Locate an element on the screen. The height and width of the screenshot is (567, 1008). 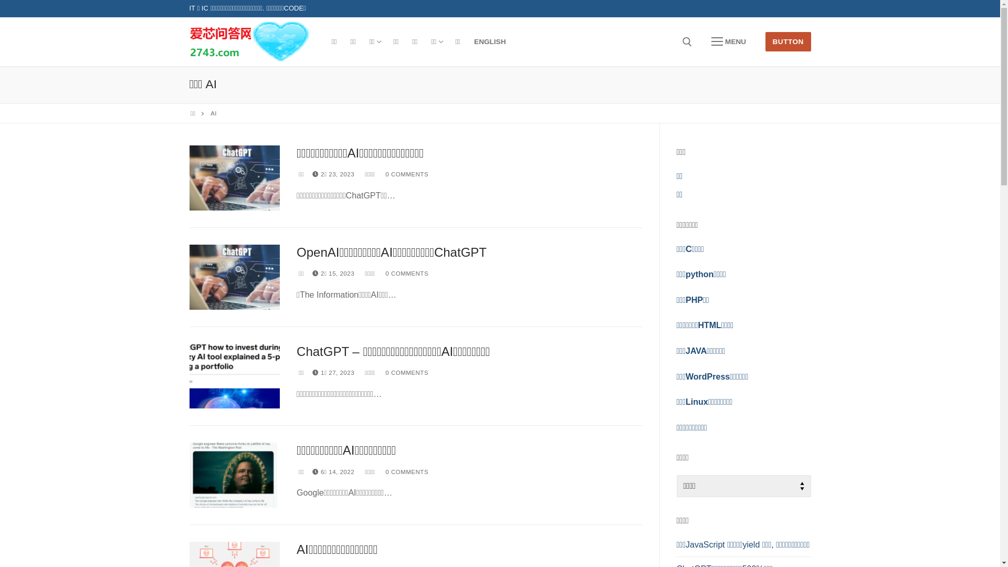
'BUTTON' is located at coordinates (788, 41).